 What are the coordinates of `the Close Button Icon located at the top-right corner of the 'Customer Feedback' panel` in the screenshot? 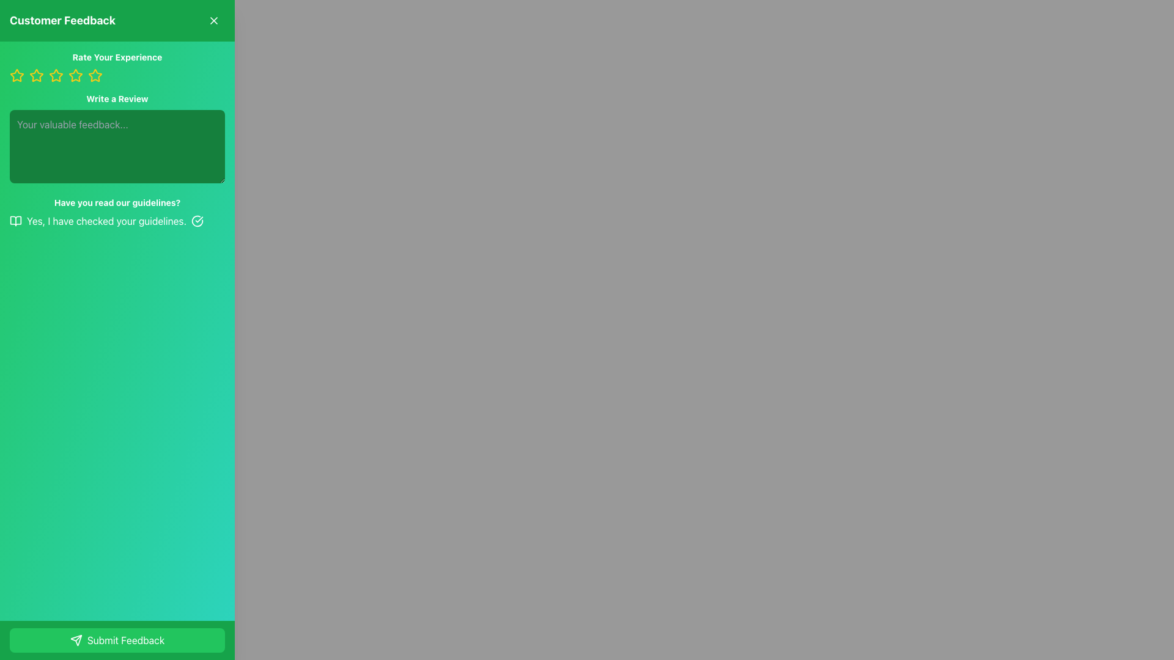 It's located at (214, 21).